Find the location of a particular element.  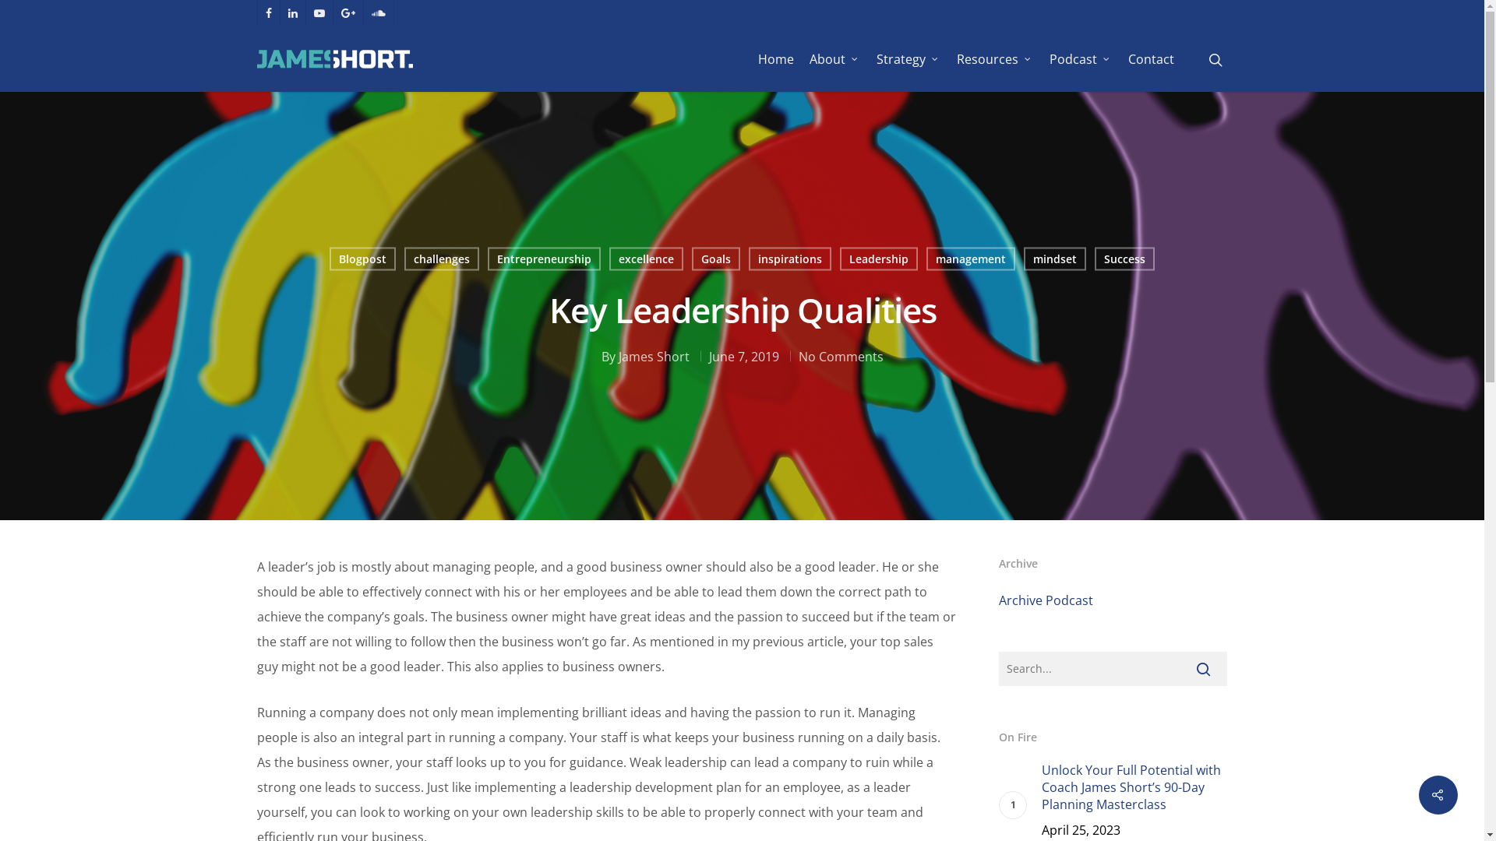

'Goals' is located at coordinates (714, 258).